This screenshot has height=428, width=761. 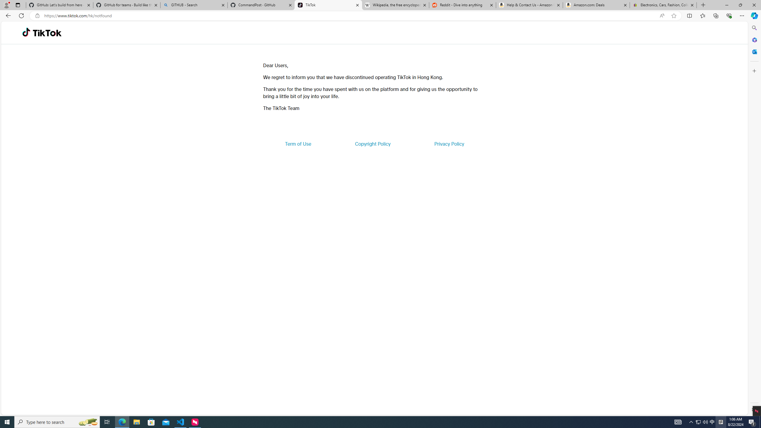 I want to click on 'Term of Use', so click(x=298, y=143).